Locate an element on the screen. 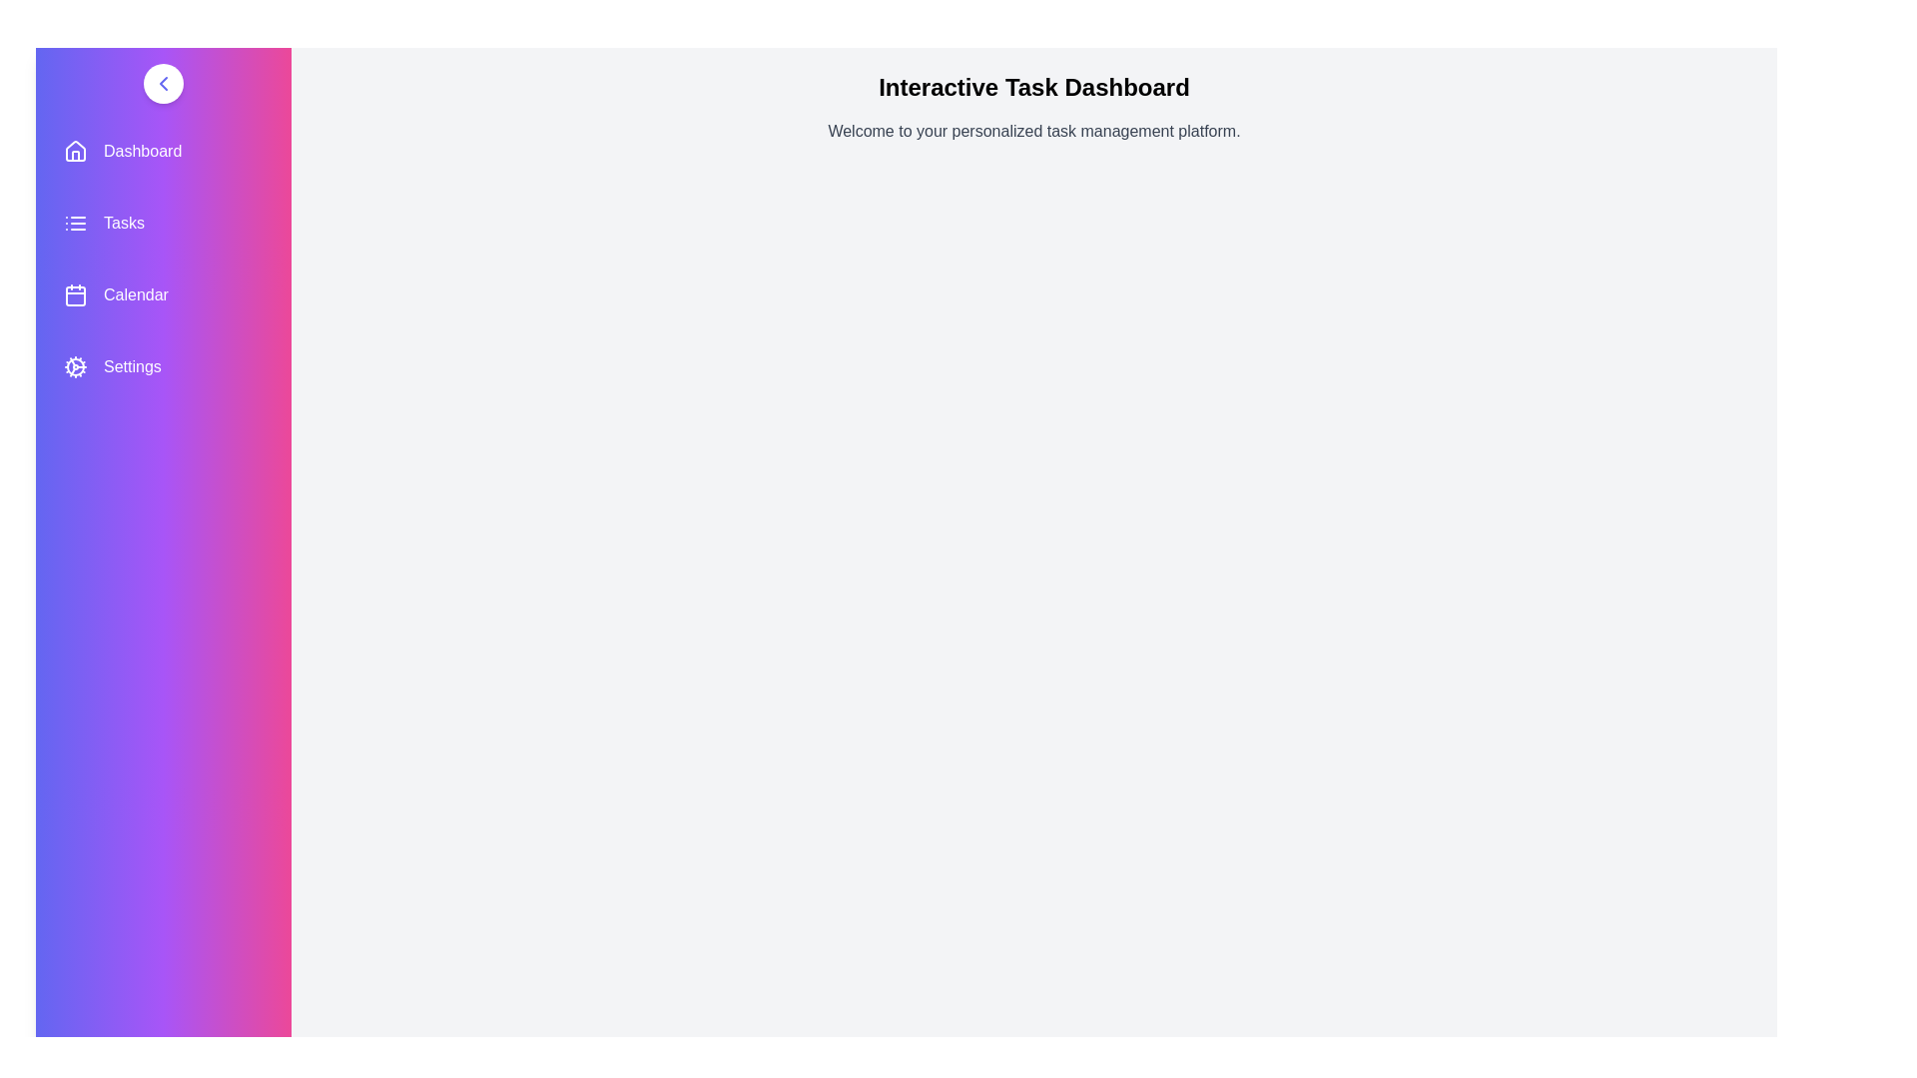 This screenshot has height=1078, width=1917. the menu item labeled Dashboard to observe its hover effect is located at coordinates (163, 150).